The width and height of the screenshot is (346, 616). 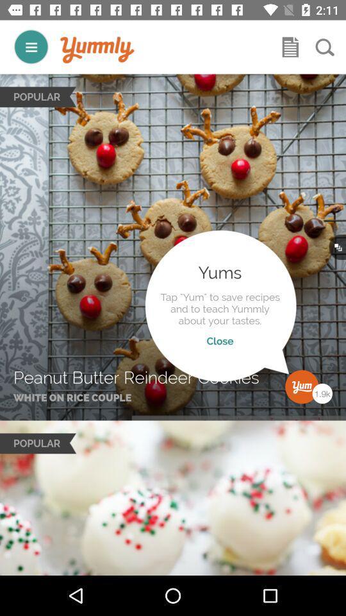 I want to click on menu button, so click(x=31, y=47).